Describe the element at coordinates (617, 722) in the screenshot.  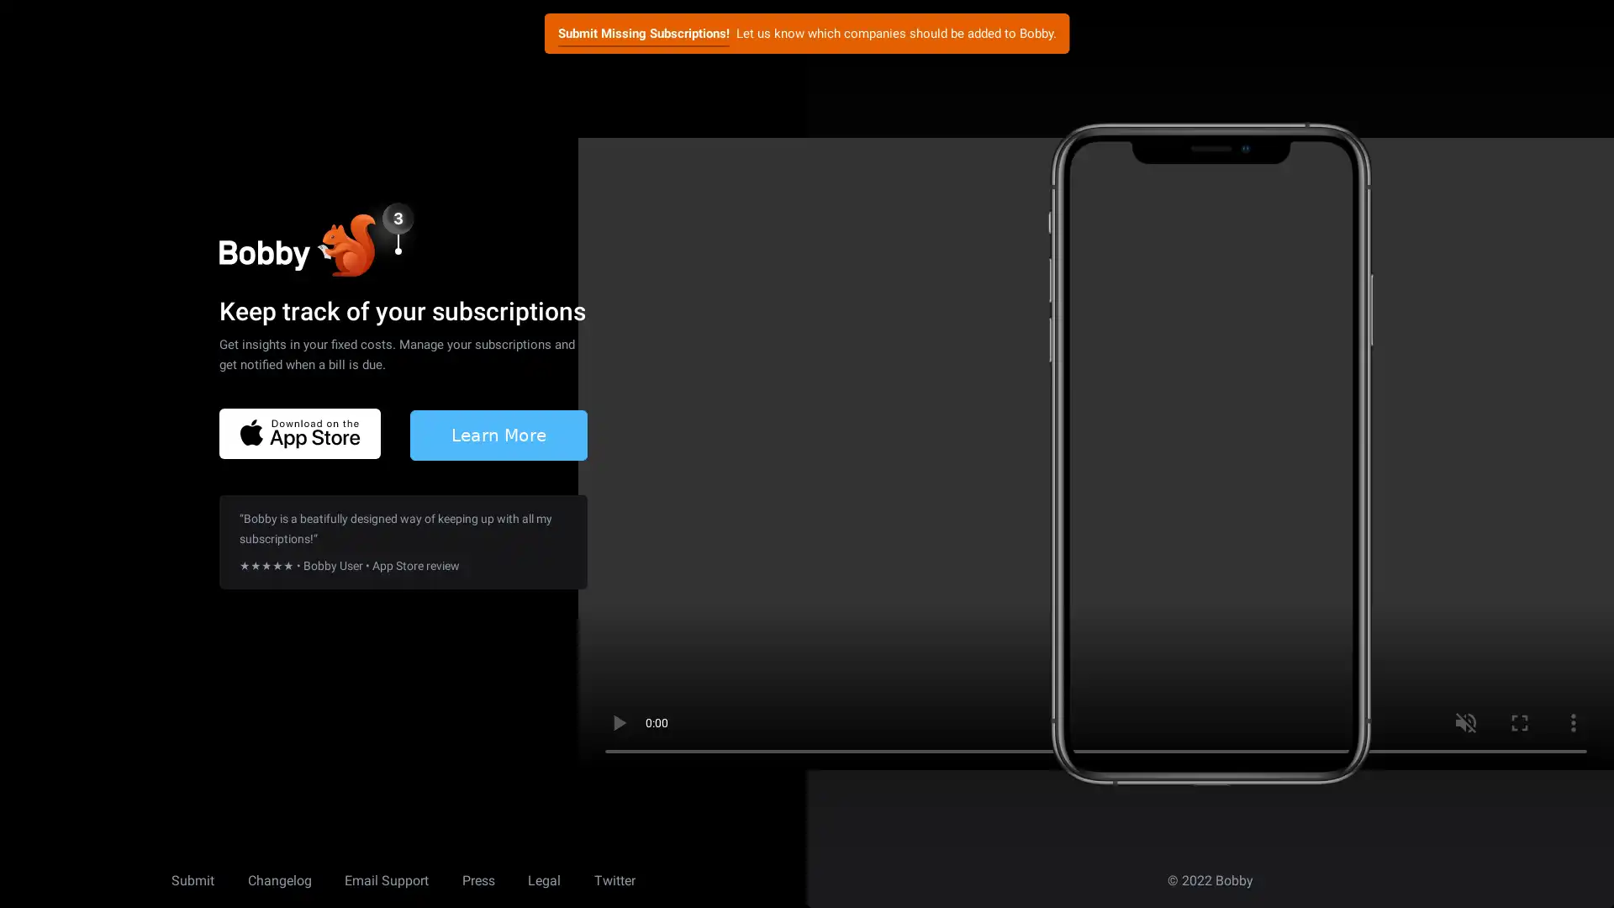
I see `play` at that location.